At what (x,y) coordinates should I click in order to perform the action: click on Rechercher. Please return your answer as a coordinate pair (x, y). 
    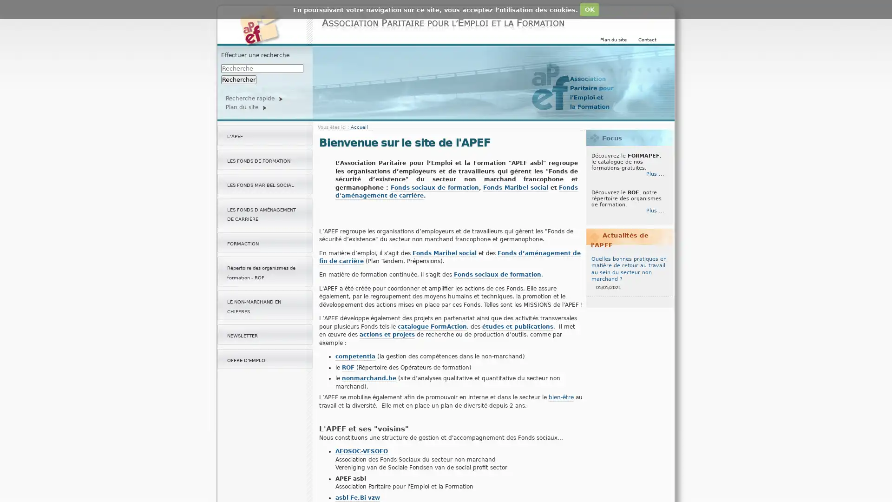
    Looking at the image, I should click on (238, 79).